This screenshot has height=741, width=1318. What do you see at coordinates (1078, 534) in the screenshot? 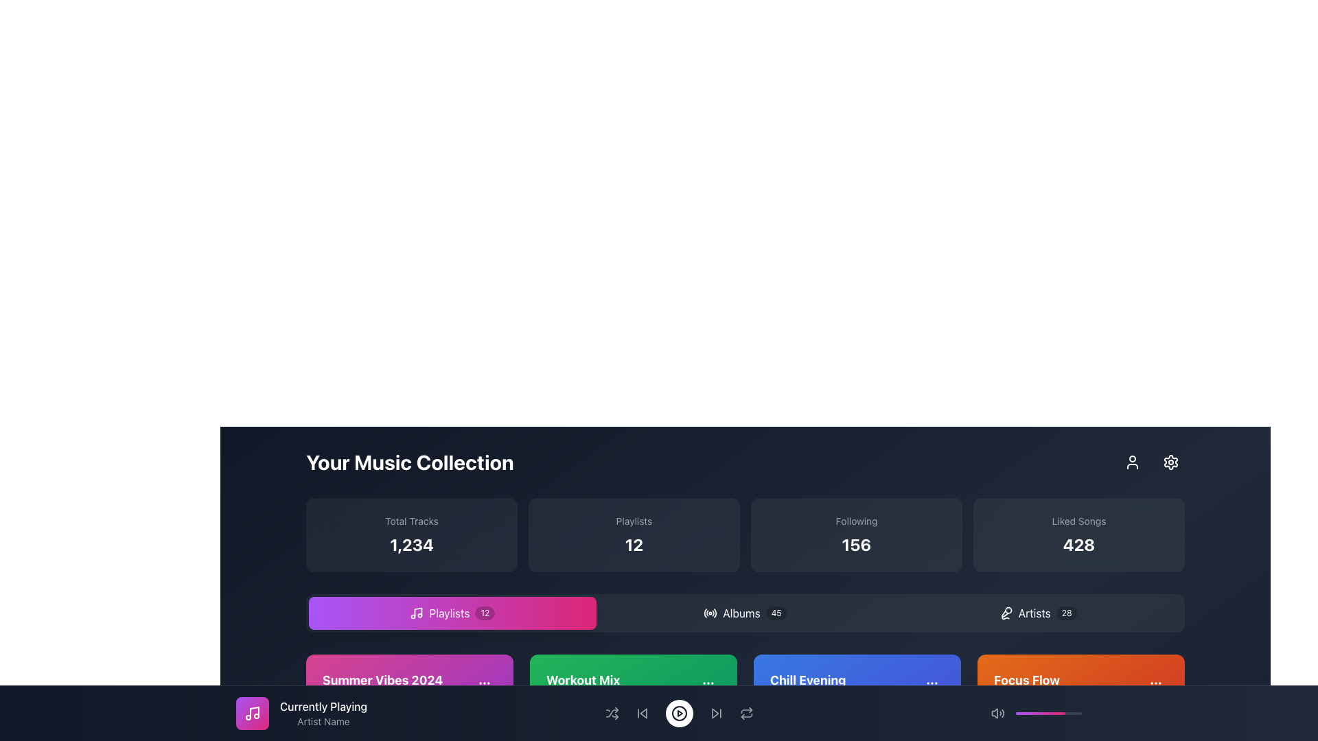
I see `the Informative card displaying 'Liked Songs' with the numerical figure '428' on a dark background, located at the far right of the row of cards` at bounding box center [1078, 534].